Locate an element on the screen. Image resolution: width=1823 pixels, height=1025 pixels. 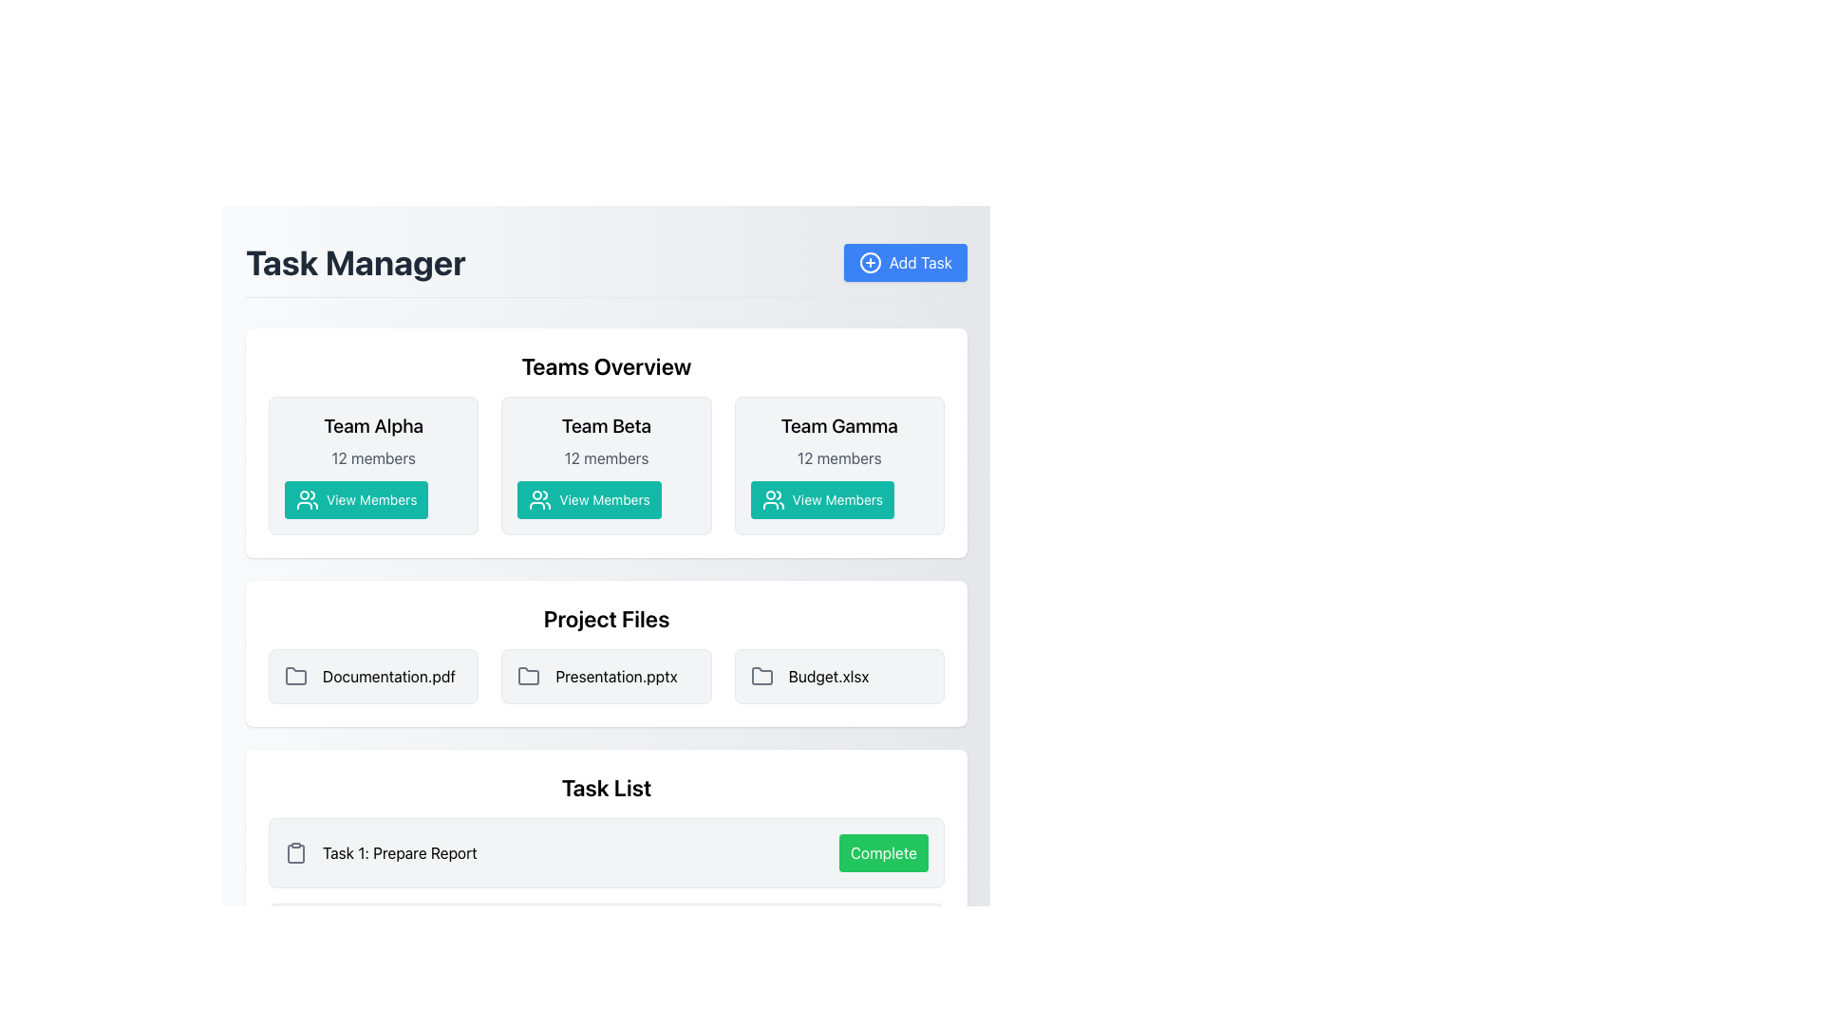
the File item card with the document icon labeled 'Presentation.pptx' located in the 'Project Files' section is located at coordinates (605, 676).